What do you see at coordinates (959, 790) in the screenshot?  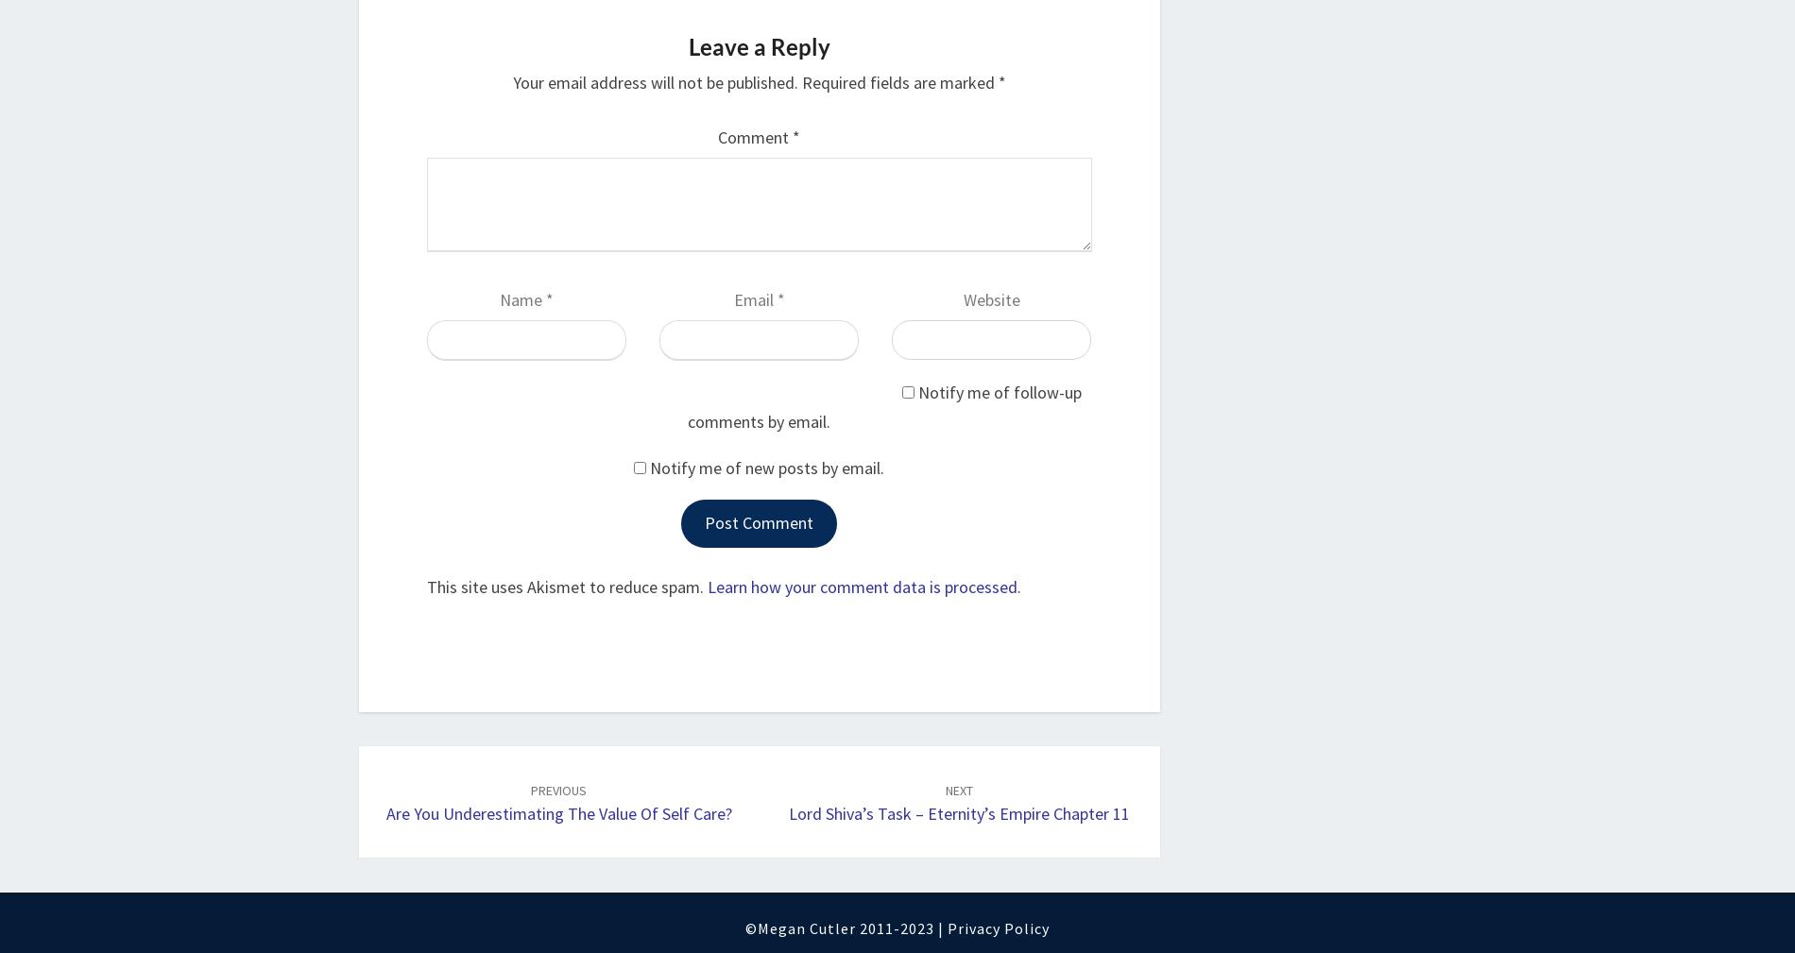 I see `'NEXT'` at bounding box center [959, 790].